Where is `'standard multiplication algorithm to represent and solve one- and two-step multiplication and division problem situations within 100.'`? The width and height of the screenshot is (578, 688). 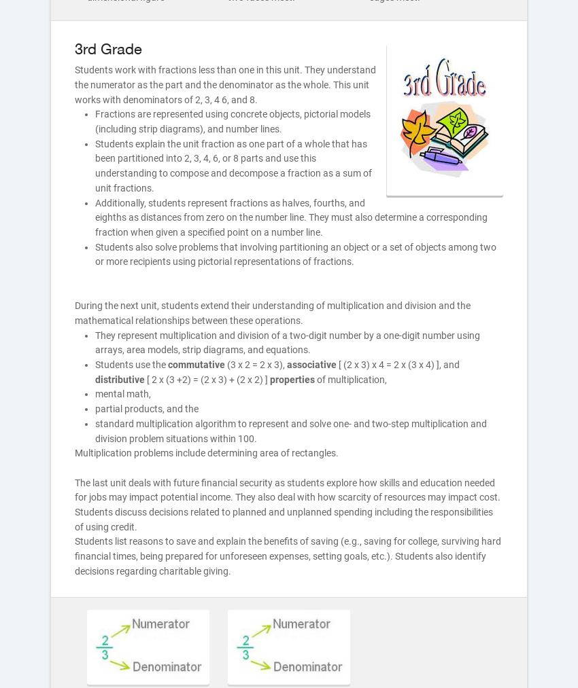 'standard multiplication algorithm to represent and solve one- and two-step multiplication and division problem situations within 100.' is located at coordinates (290, 430).